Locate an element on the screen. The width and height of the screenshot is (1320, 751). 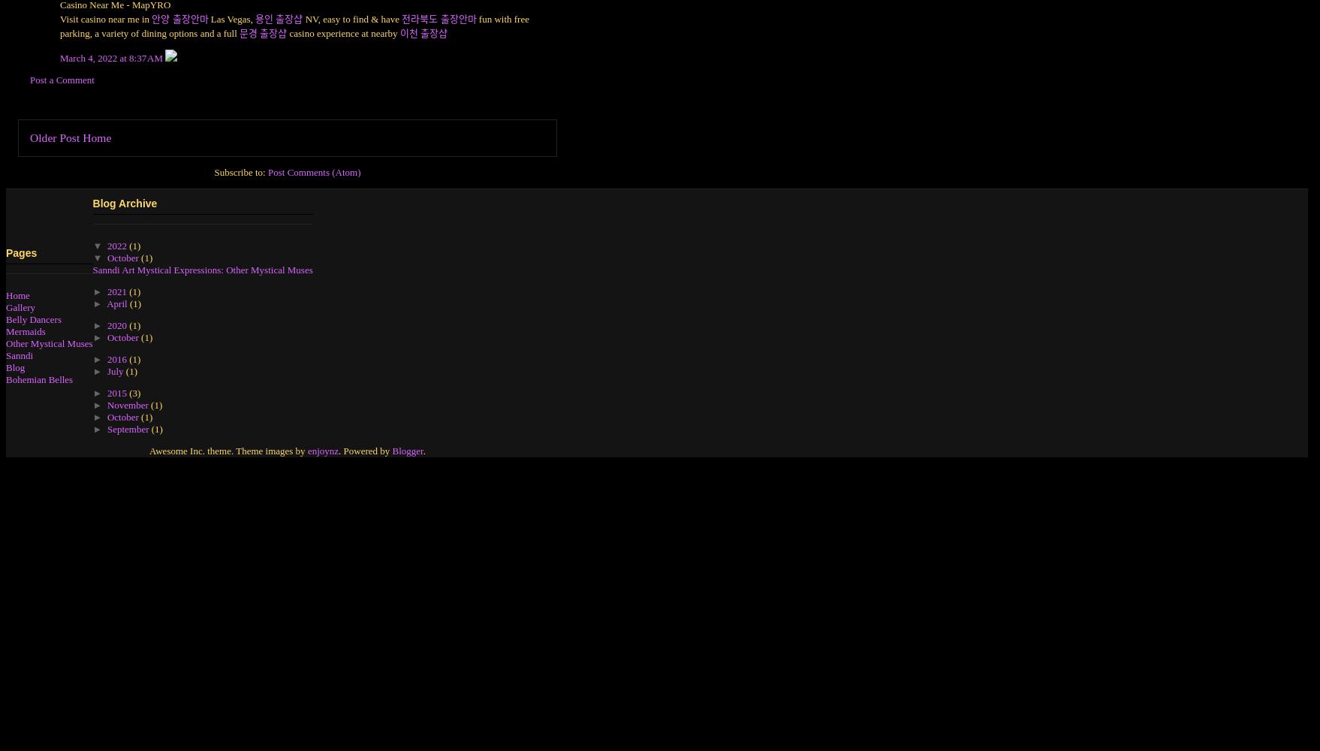
'Blogger' is located at coordinates (406, 449).